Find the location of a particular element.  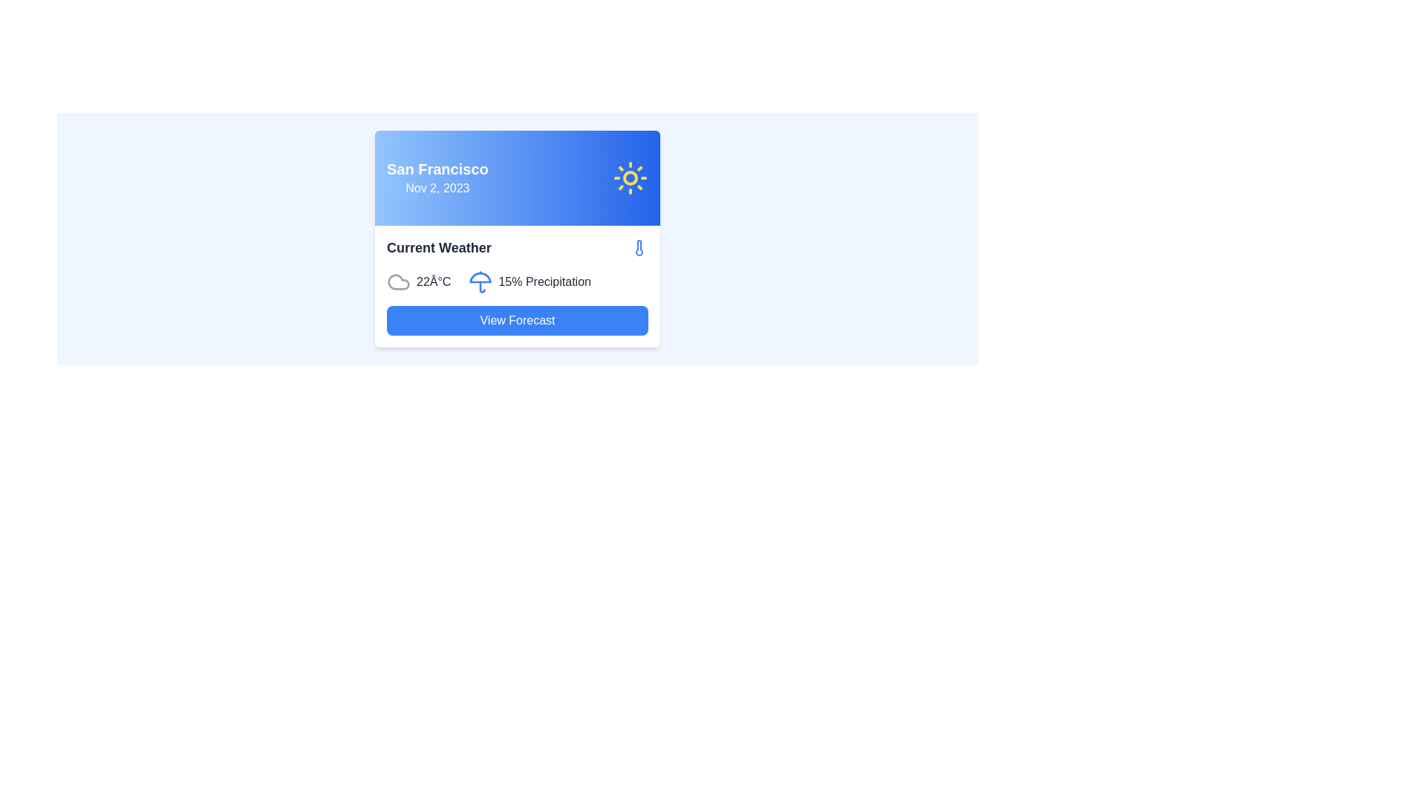

the thermometer icon with a blue gradient located in the 'Current Weather' subsection of the weather card, positioned to the right of the '15% Precipitation' text is located at coordinates (639, 247).